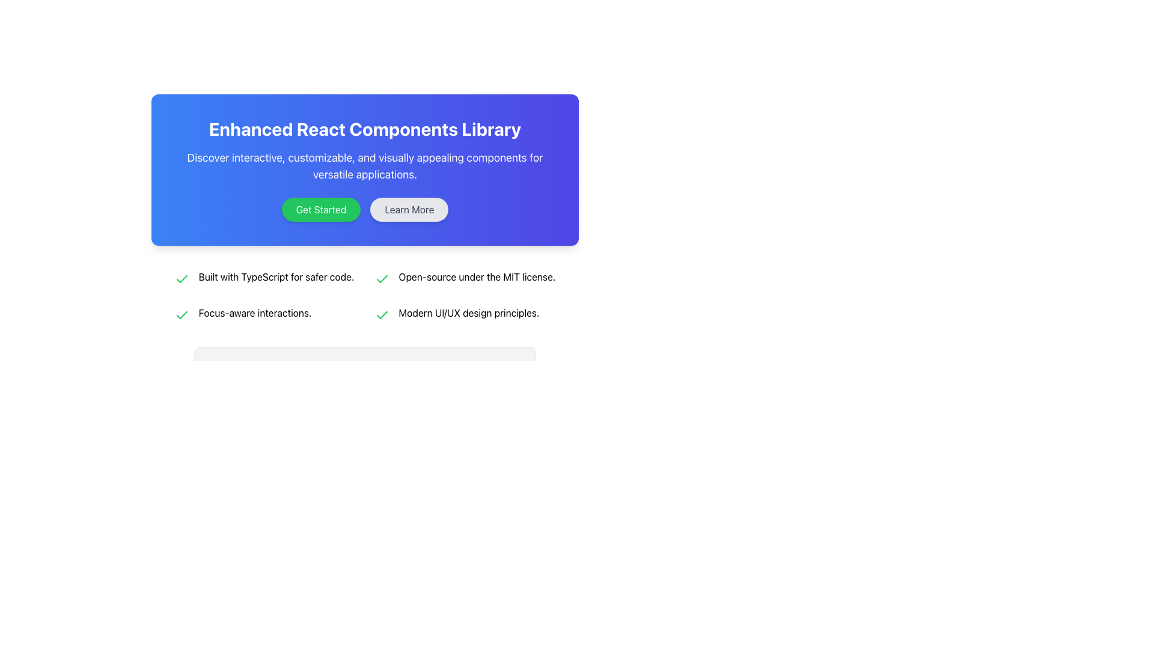 Image resolution: width=1154 pixels, height=649 pixels. Describe the element at coordinates (364, 166) in the screenshot. I see `the Text label that provides a descriptive subtitle beneath the title 'Enhanced React Components Library'` at that location.